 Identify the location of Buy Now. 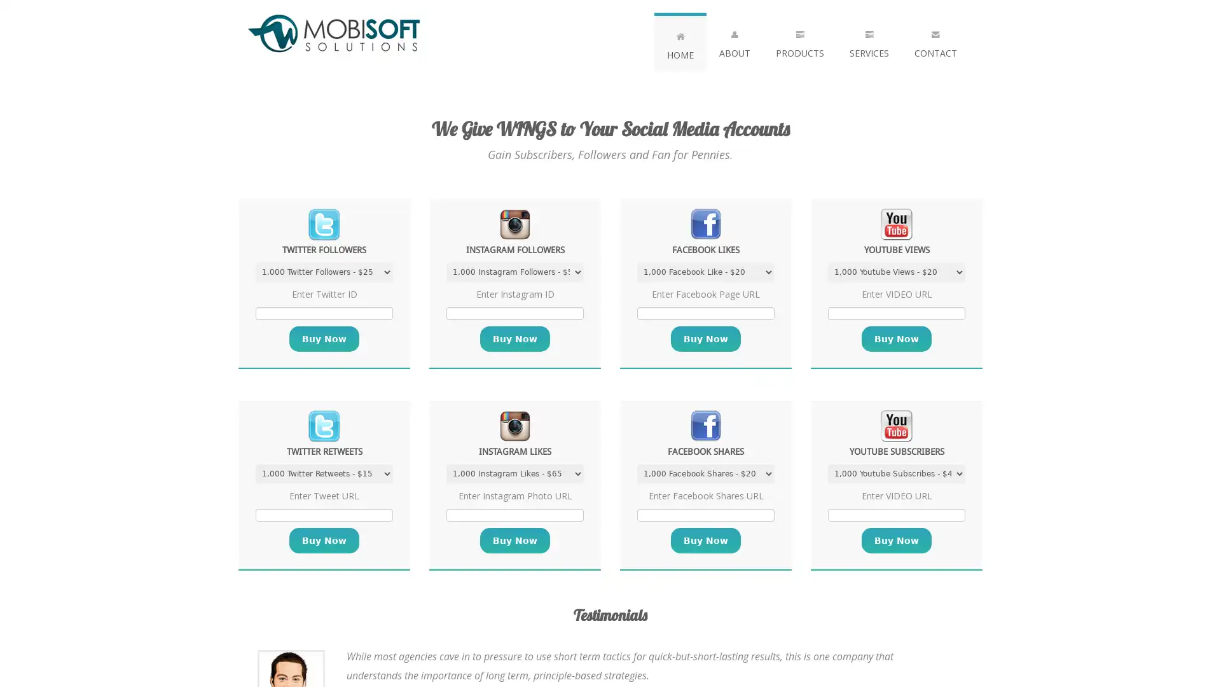
(705, 338).